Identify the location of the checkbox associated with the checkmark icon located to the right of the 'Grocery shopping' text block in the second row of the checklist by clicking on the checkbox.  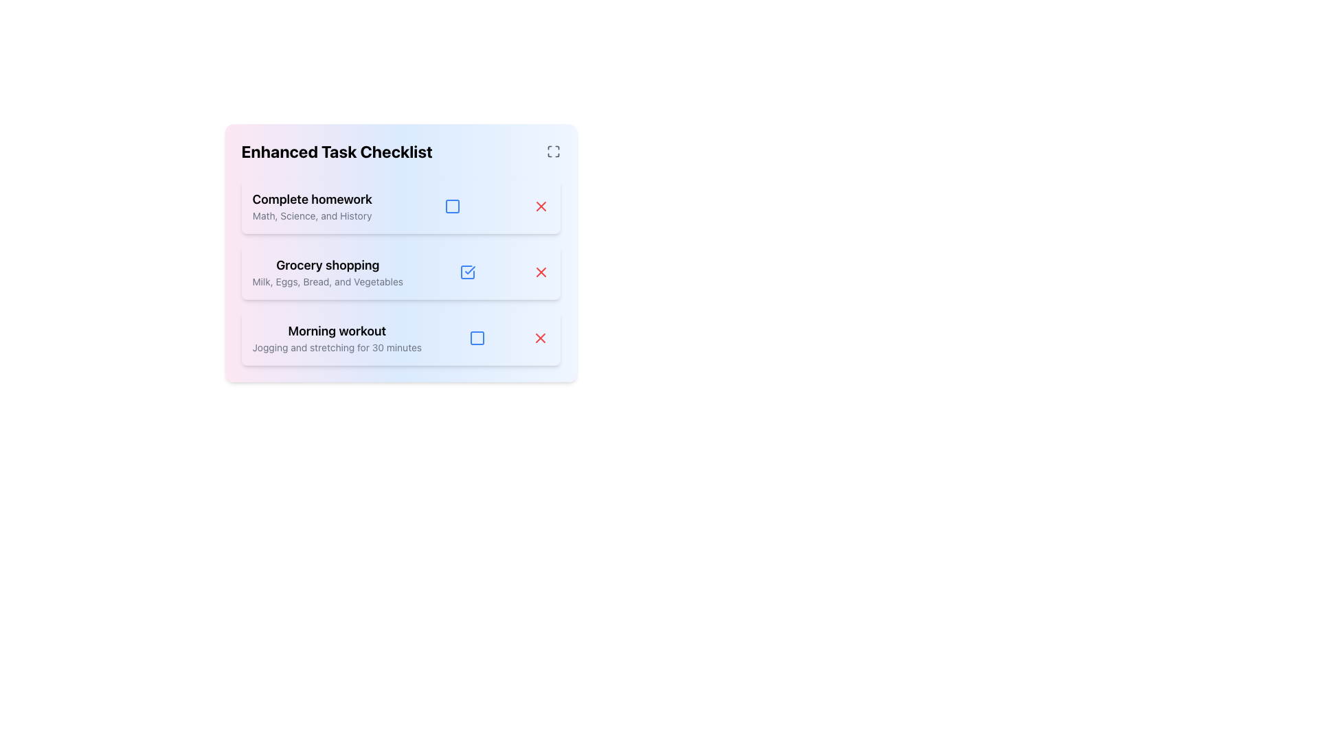
(468, 272).